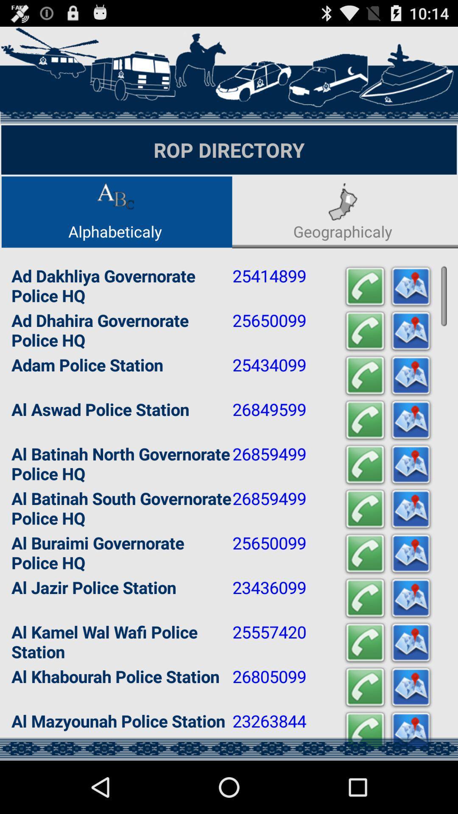 This screenshot has height=814, width=458. What do you see at coordinates (364, 287) in the screenshot?
I see `phone` at bounding box center [364, 287].